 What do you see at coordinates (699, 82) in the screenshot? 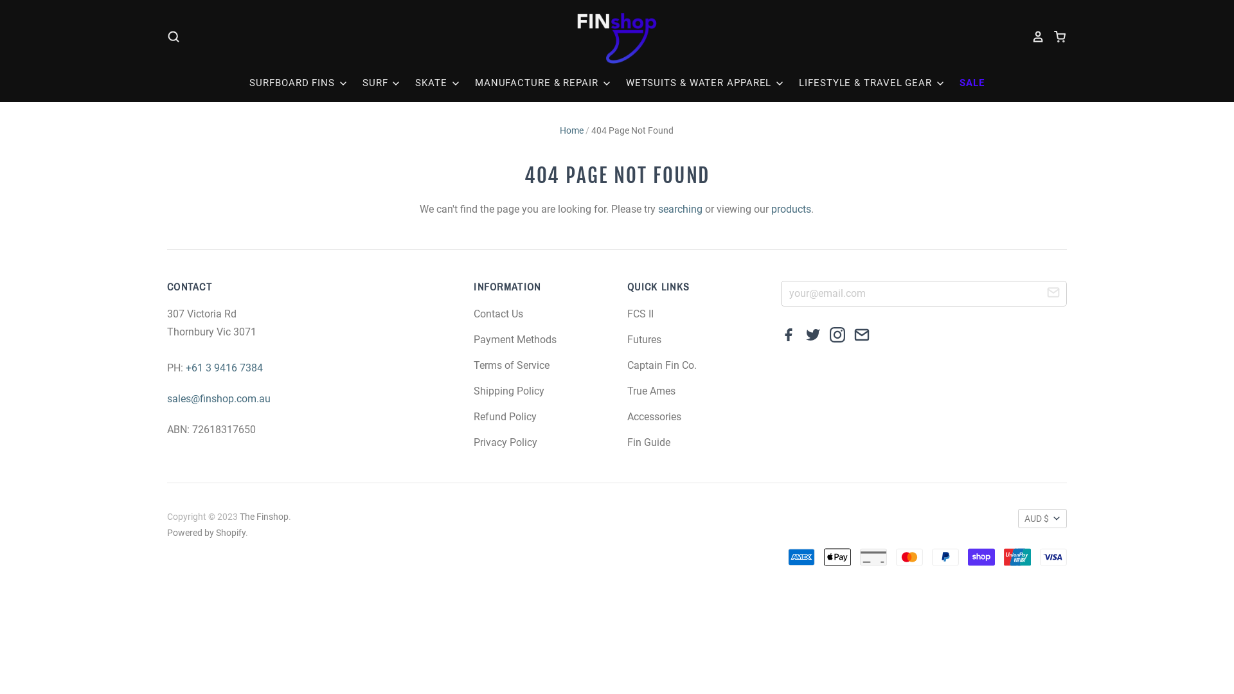
I see `'WETSUITS & WATER APPAREL'` at bounding box center [699, 82].